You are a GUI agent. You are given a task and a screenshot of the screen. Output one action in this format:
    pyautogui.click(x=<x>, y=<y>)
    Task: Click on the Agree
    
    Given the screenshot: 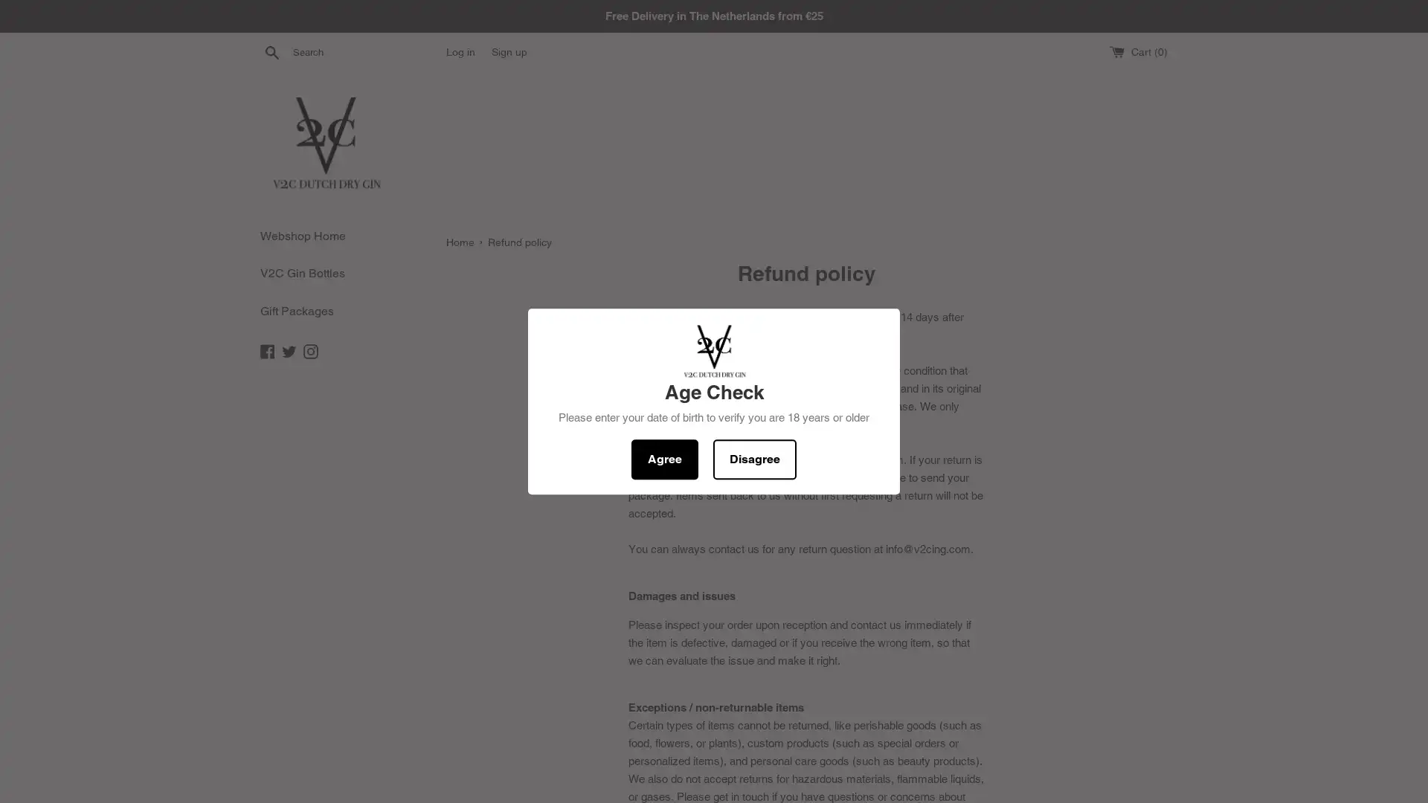 What is the action you would take?
    pyautogui.click(x=663, y=458)
    